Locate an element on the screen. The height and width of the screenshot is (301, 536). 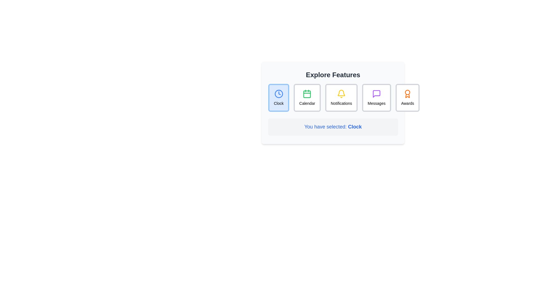
the 'Calendar' button, which is a rectangular button with a white background and gray border, featuring a green calendar icon at the top and the word 'Calendar' in black below it is located at coordinates (307, 98).